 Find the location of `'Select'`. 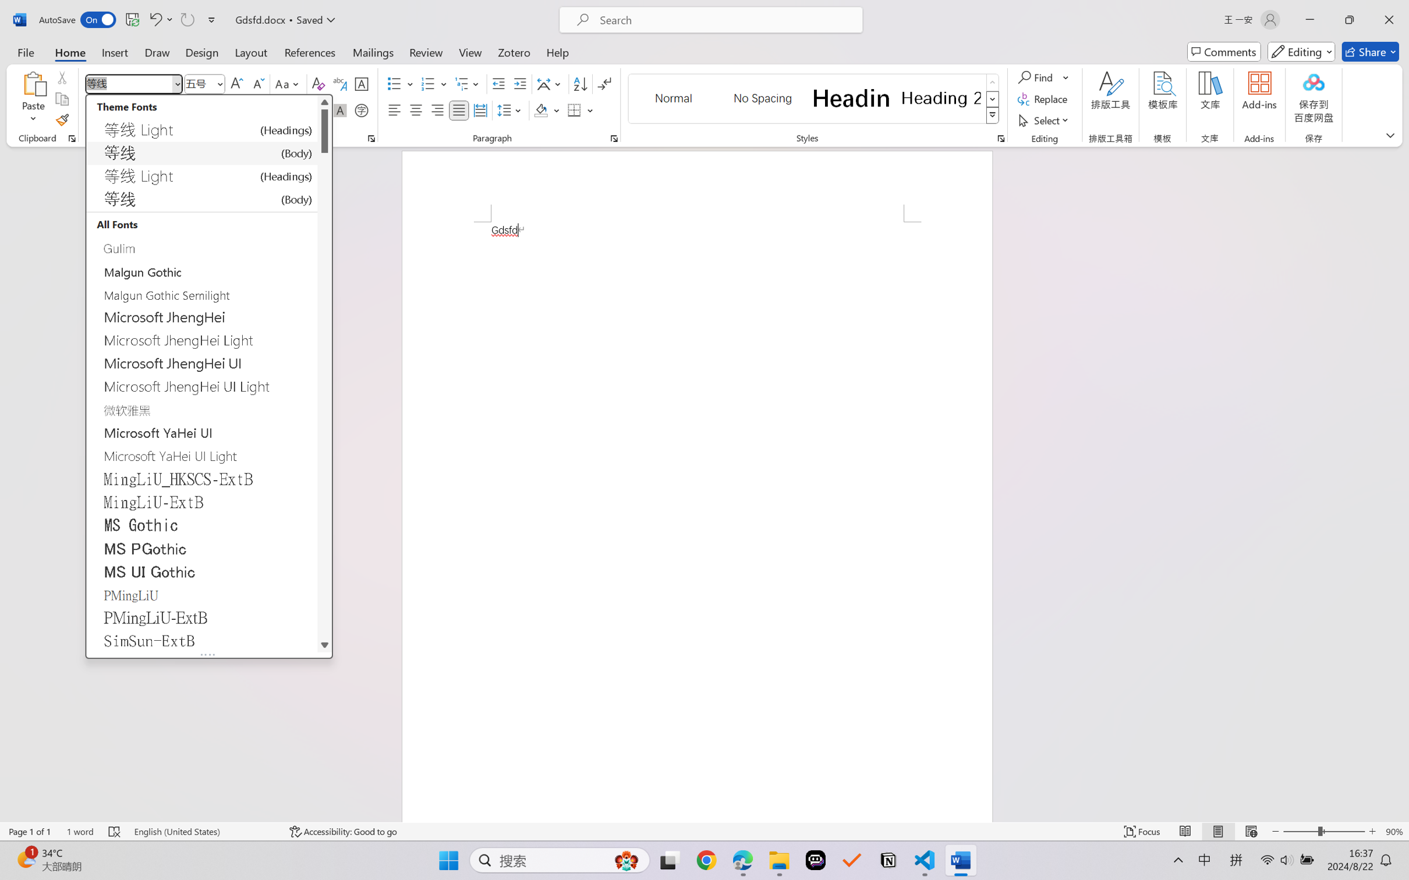

'Select' is located at coordinates (1045, 120).